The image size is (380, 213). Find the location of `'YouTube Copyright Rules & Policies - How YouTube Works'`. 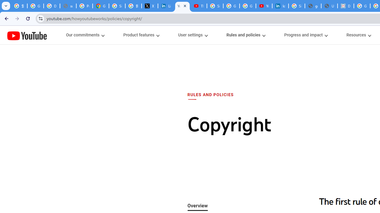

'YouTube Copyright Rules & Policies - How YouTube Works' is located at coordinates (182, 6).